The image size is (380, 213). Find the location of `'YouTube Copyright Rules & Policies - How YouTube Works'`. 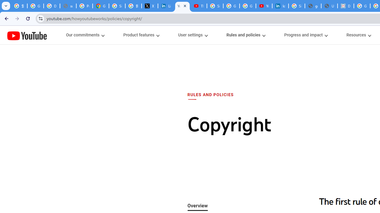

'YouTube Copyright Rules & Policies - How YouTube Works' is located at coordinates (182, 6).